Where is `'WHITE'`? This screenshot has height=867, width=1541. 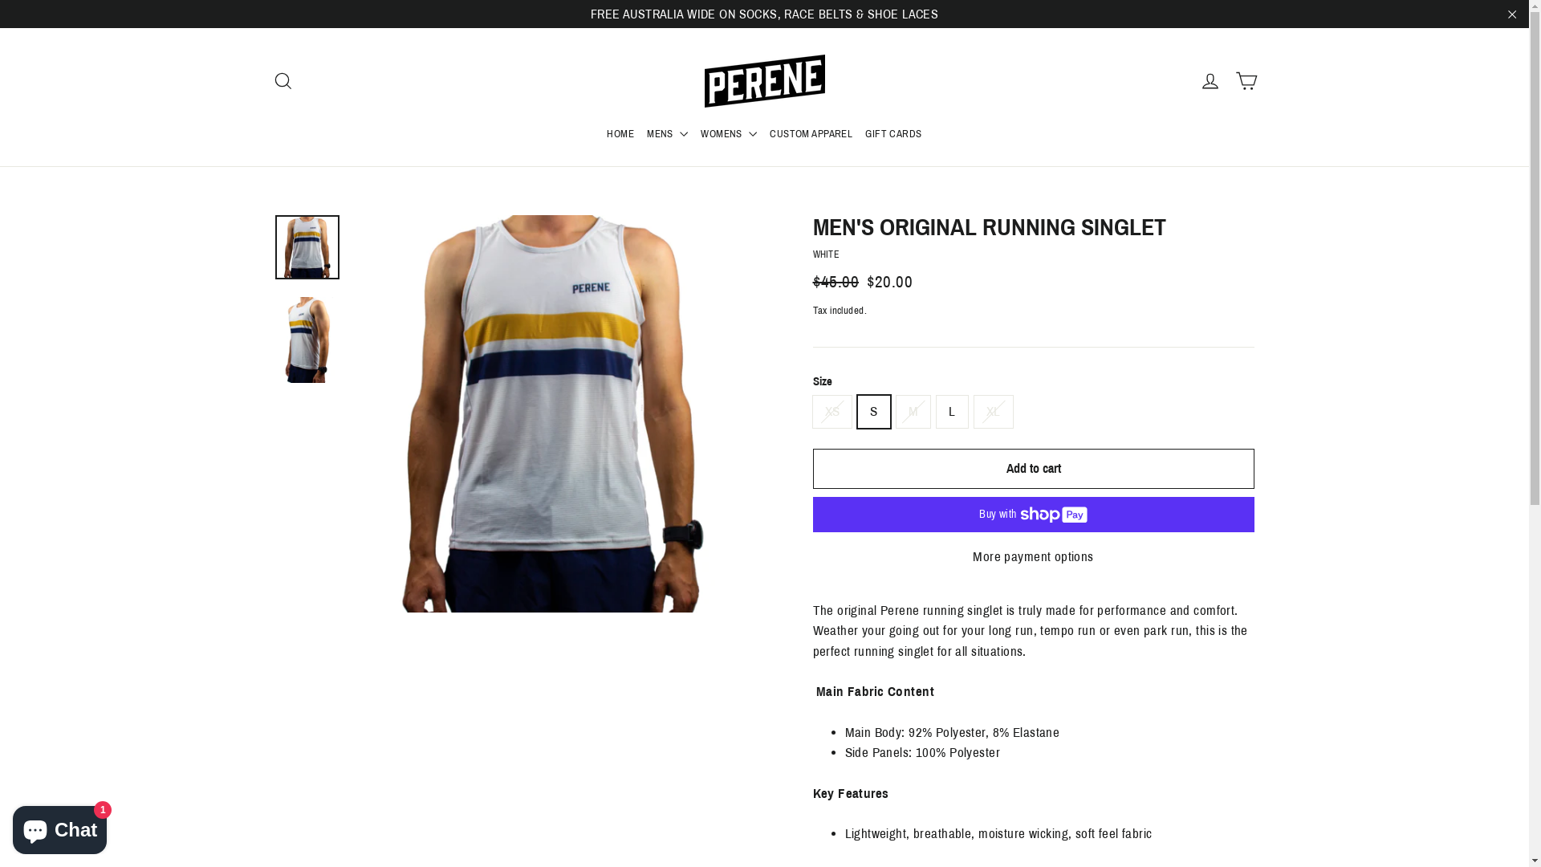 'WHITE' is located at coordinates (825, 253).